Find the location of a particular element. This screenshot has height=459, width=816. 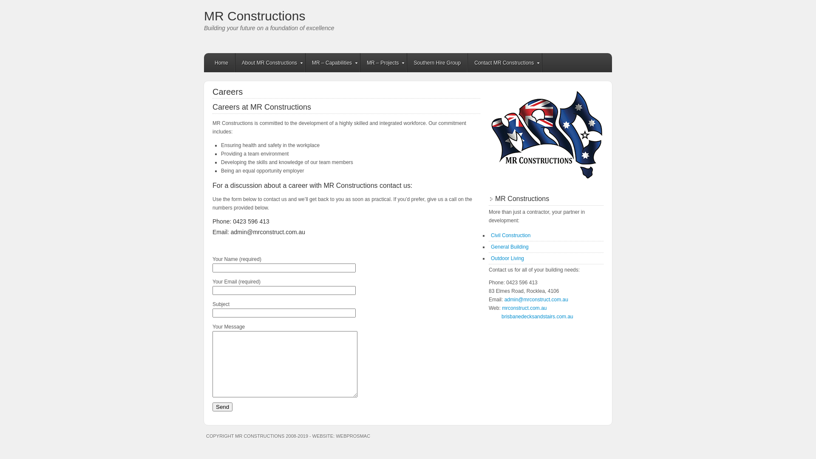

'Southern Hire Group' is located at coordinates (437, 62).